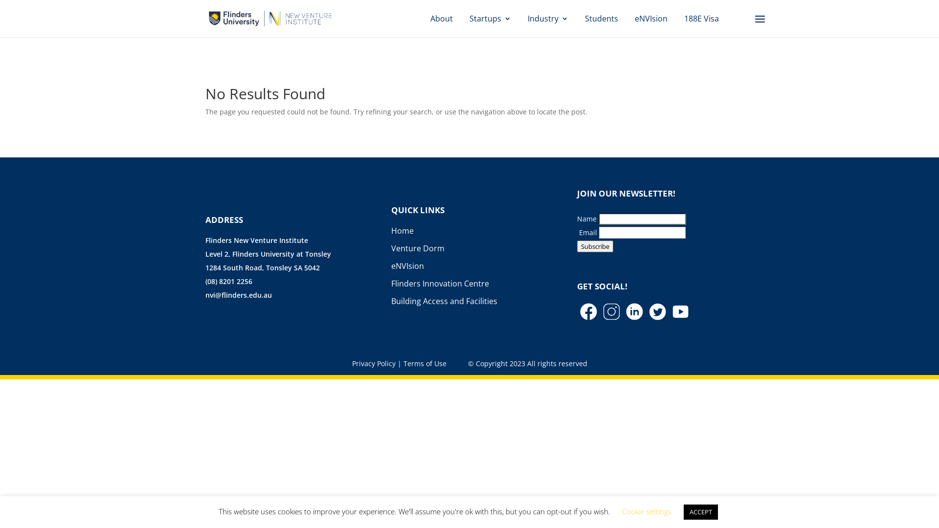 Image resolution: width=939 pixels, height=528 pixels. Describe the element at coordinates (701, 19) in the screenshot. I see `'188E Visa'` at that location.